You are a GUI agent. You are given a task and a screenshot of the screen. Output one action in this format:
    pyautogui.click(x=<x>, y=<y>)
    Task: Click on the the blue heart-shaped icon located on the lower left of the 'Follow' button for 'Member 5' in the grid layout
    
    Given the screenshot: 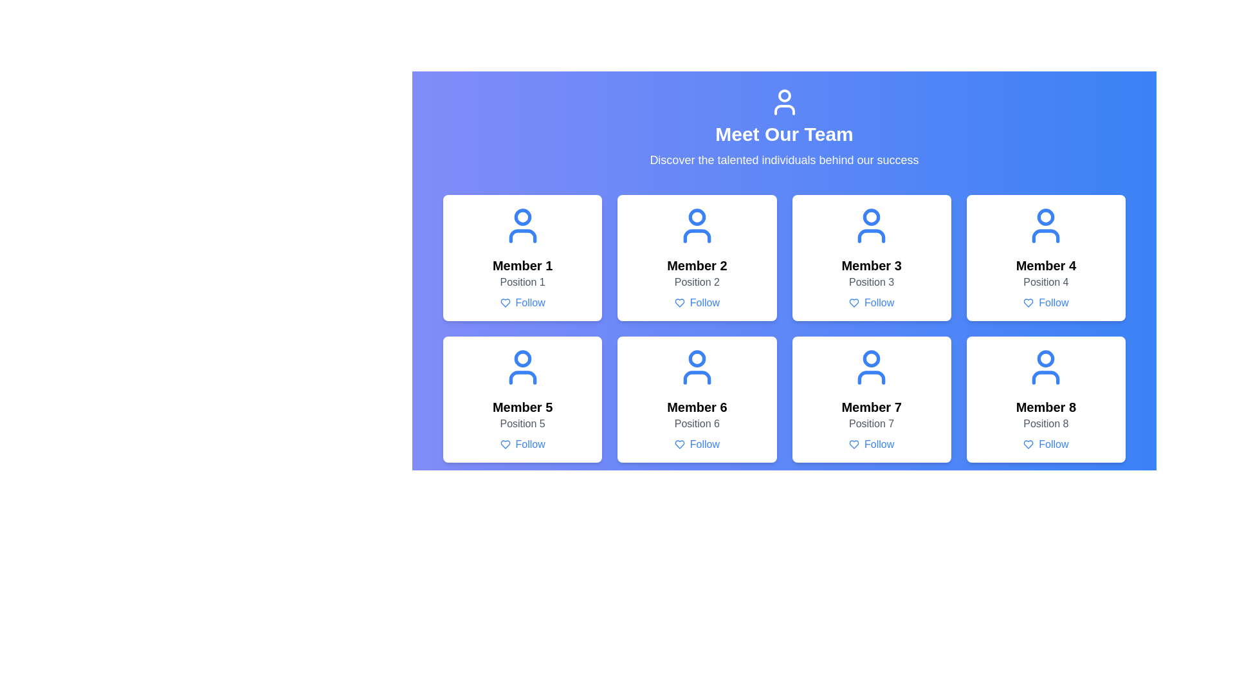 What is the action you would take?
    pyautogui.click(x=504, y=443)
    